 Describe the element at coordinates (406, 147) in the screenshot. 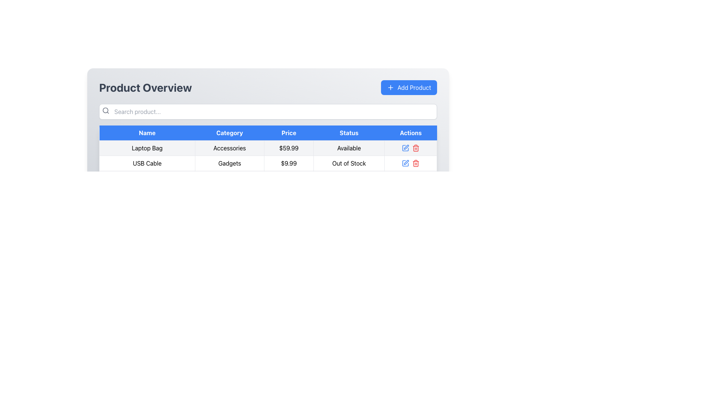

I see `the small curved pencil icon (Edit) located in the Actions column of the second row in the table to initiate edit mode` at that location.